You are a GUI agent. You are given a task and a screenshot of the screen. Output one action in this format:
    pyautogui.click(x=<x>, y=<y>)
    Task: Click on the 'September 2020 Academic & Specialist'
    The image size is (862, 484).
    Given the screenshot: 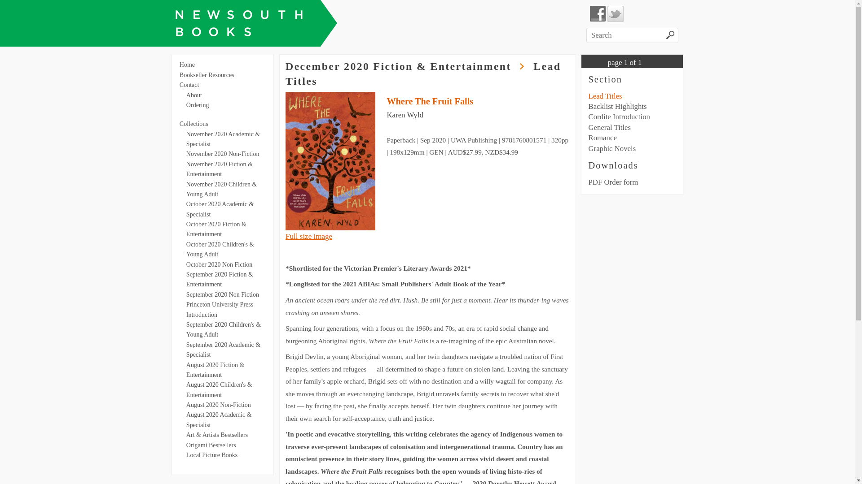 What is the action you would take?
    pyautogui.click(x=223, y=349)
    